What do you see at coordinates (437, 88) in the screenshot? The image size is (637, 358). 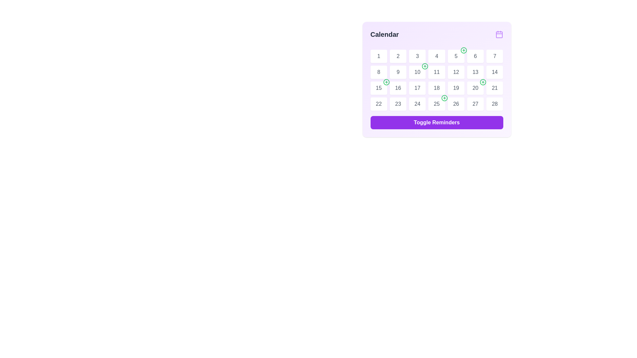 I see `the non-interactive date label indicating the day '18' in the calendar view, located in the 6th column and 3rd row of the calendar grid` at bounding box center [437, 88].